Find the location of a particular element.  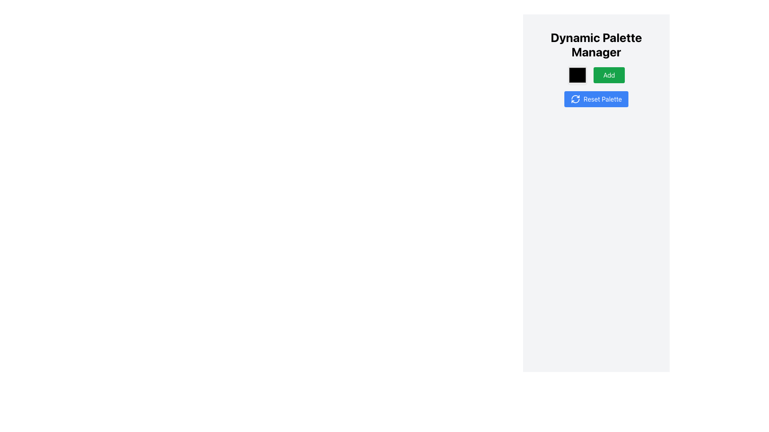

the reset icon located to the left of the blue 'Reset Palette' button is located at coordinates (575, 98).